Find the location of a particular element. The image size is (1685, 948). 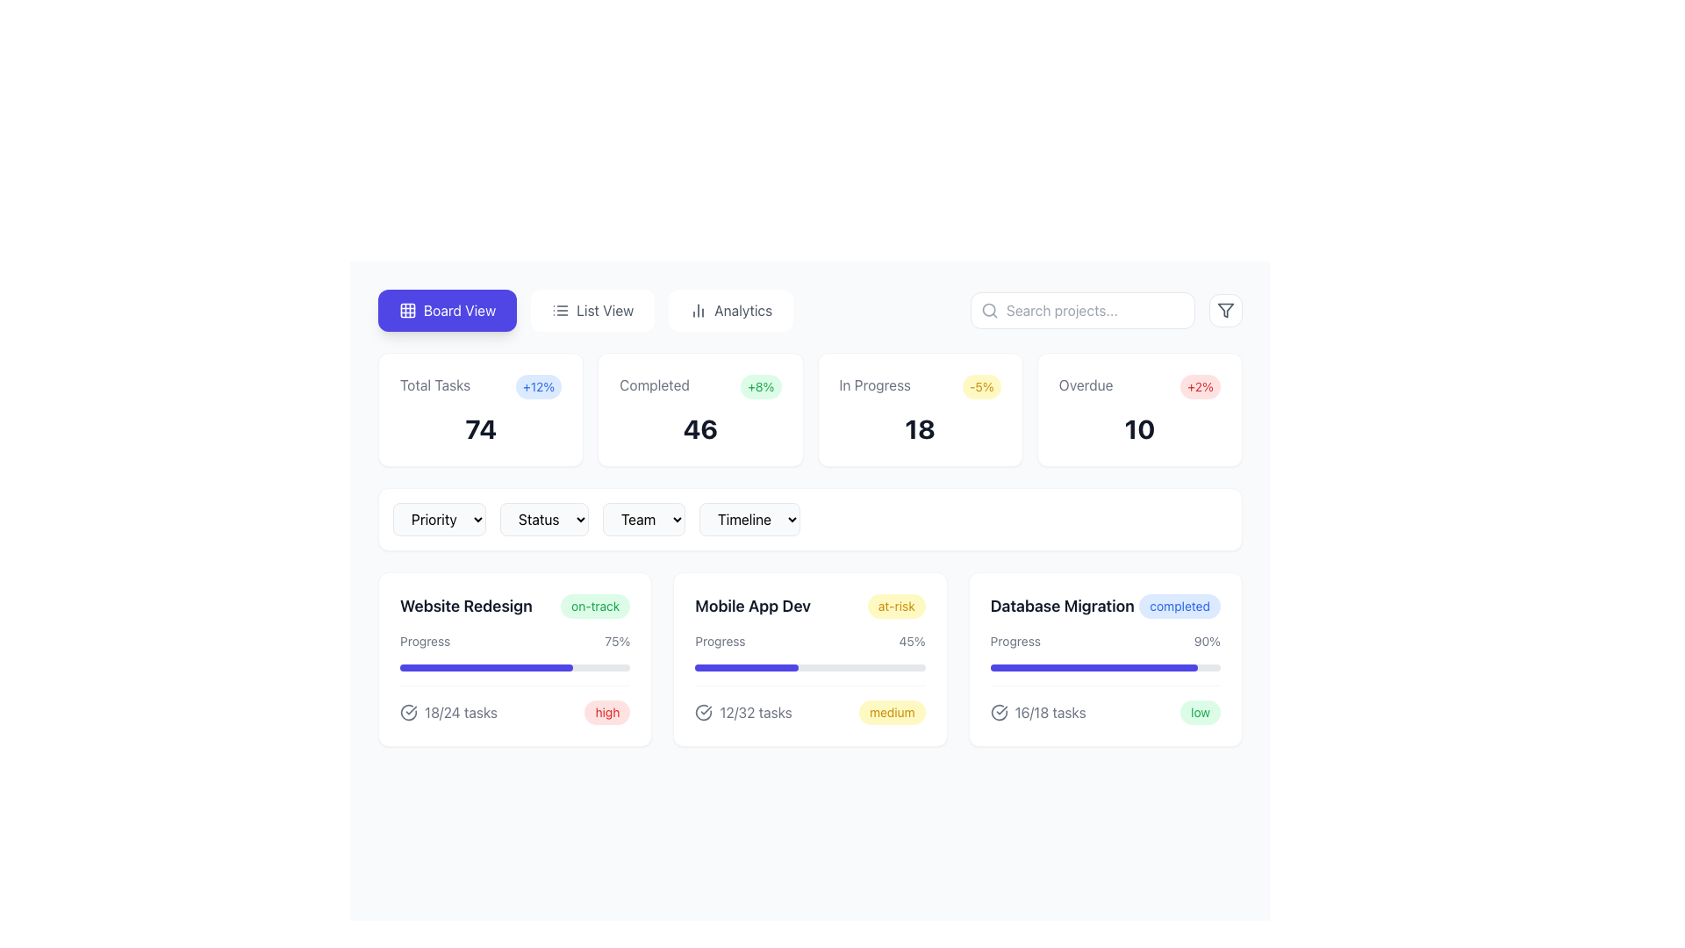

the small, gray, funnel-shaped icon representing a filter in the top right corner of the interface is located at coordinates (1224, 310).